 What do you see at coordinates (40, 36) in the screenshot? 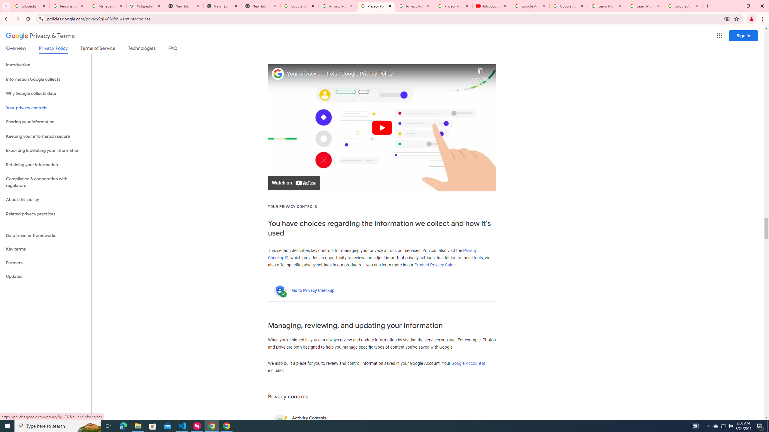
I see `'Privacy & Terms'` at bounding box center [40, 36].